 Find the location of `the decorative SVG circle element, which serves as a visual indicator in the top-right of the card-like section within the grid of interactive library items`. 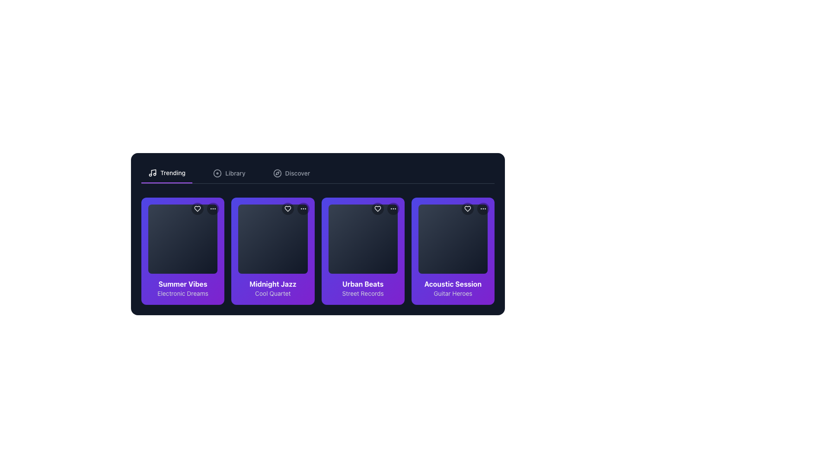

the decorative SVG circle element, which serves as a visual indicator in the top-right of the card-like section within the grid of interactive library items is located at coordinates (217, 173).